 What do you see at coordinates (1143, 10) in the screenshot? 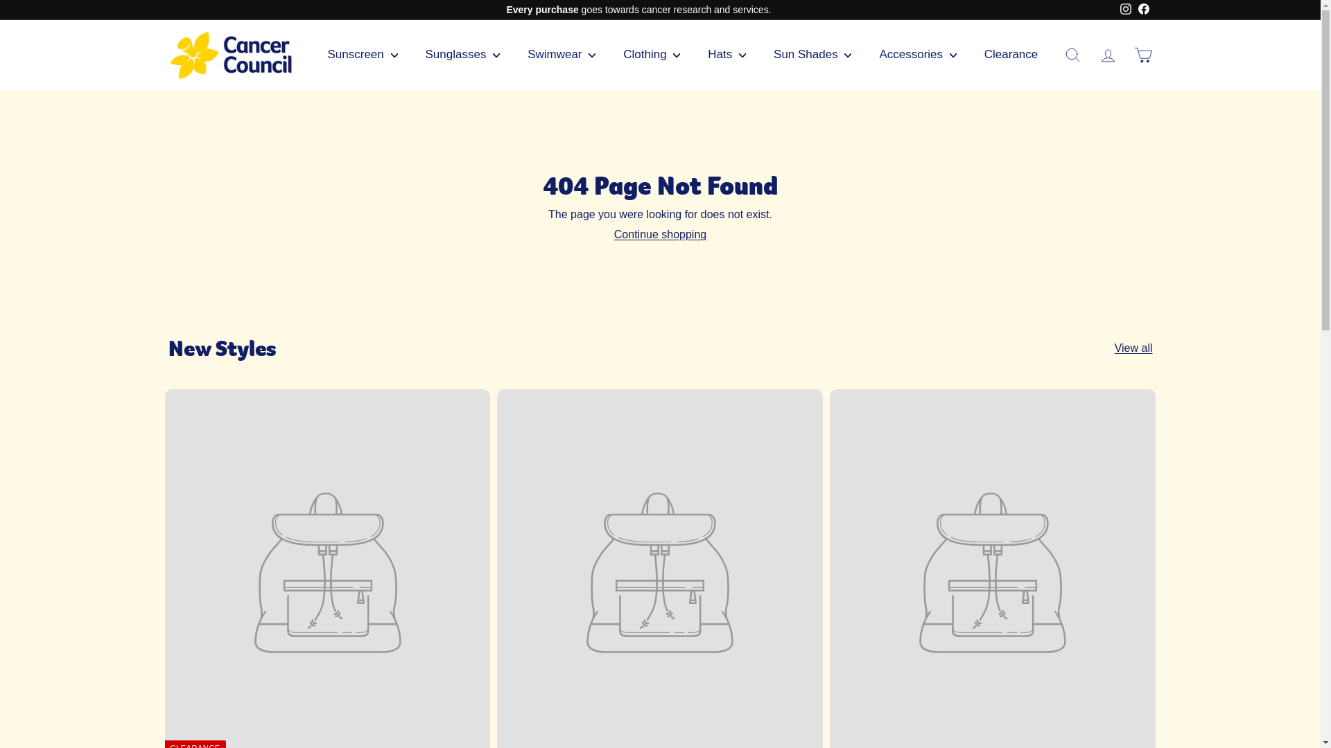
I see `'Facebook'` at bounding box center [1143, 10].